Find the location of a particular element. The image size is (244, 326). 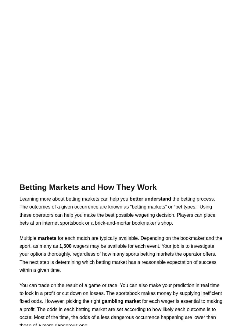

'the betting process. The outcomes of a given occurrence are known as “betting markets” or “bet types.” Using these operators can help you make the best possible wagering decision. Players can place bets at an internet sportsbook or a brick-and-mortar bookmaker’s shop.' is located at coordinates (117, 210).